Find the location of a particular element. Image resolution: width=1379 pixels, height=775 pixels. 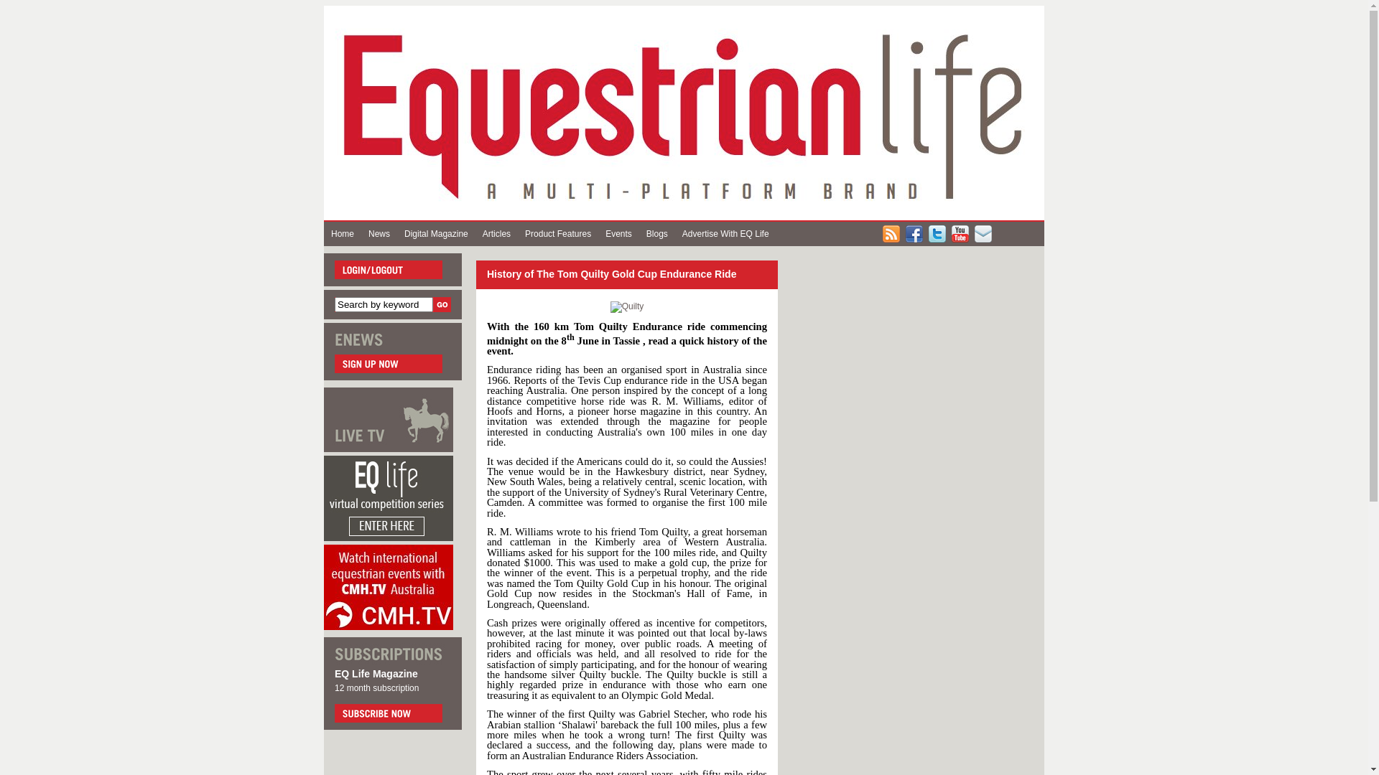

'Events' is located at coordinates (618, 233).